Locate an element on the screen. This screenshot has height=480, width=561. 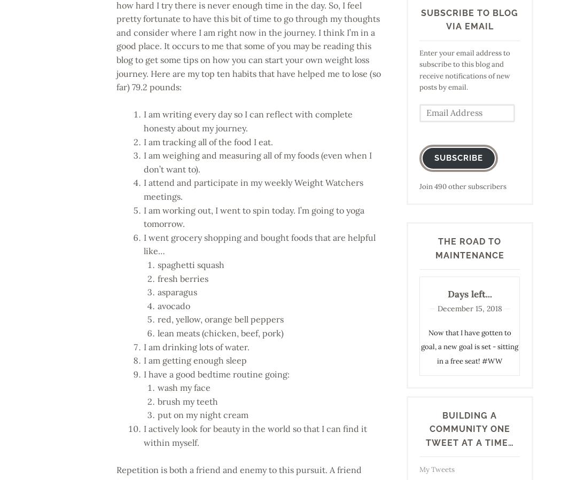
'My Tweets' is located at coordinates (436, 469).